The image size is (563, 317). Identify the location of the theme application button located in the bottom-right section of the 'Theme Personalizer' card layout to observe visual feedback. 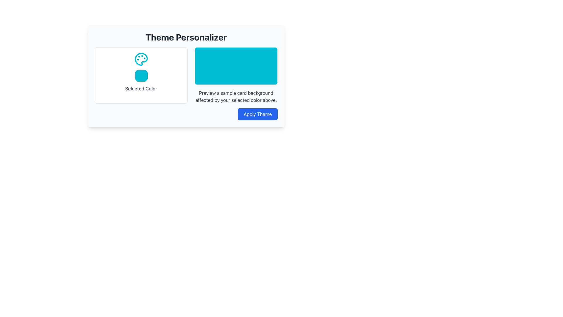
(257, 114).